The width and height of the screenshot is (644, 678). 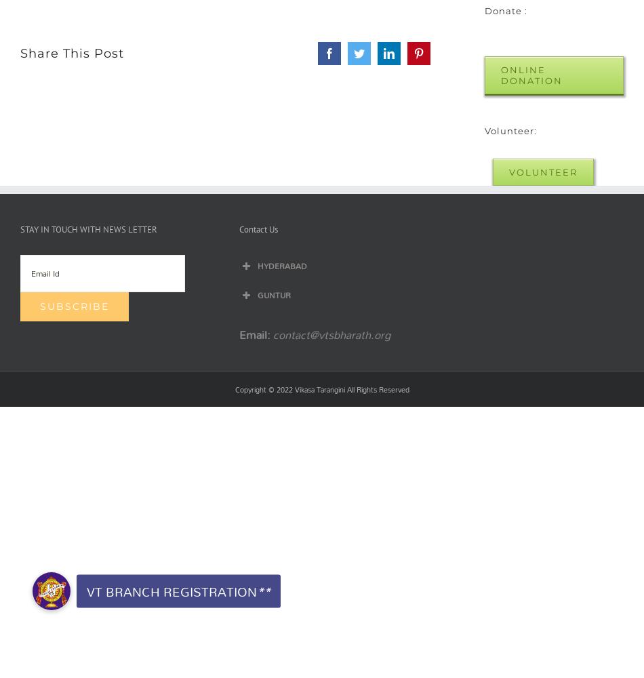 I want to click on 'GUNTUR', so click(x=273, y=295).